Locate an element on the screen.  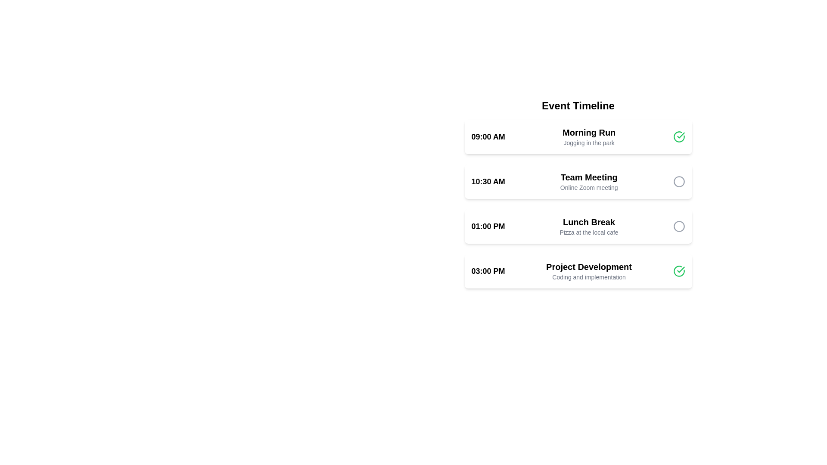
the event timeline entry for 'Project Development' scheduled at 03:00 PM, which includes a green checkmark icon and a description of 'Coding and implementation' is located at coordinates (578, 270).